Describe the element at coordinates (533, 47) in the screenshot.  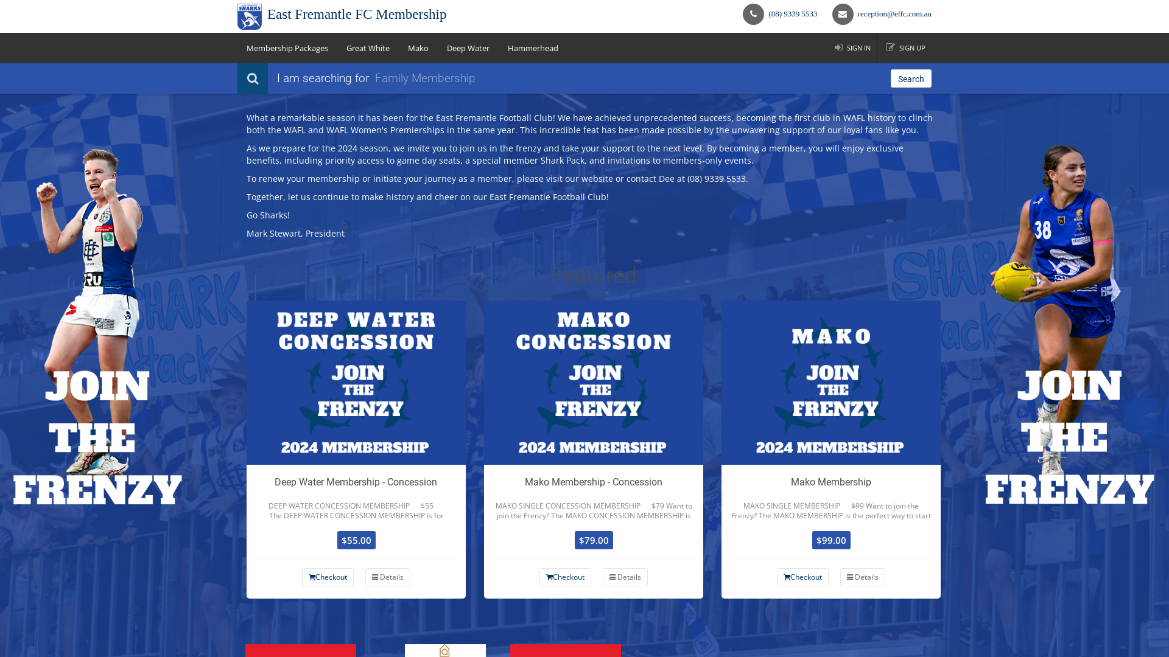
I see `'Hammerhead'` at that location.